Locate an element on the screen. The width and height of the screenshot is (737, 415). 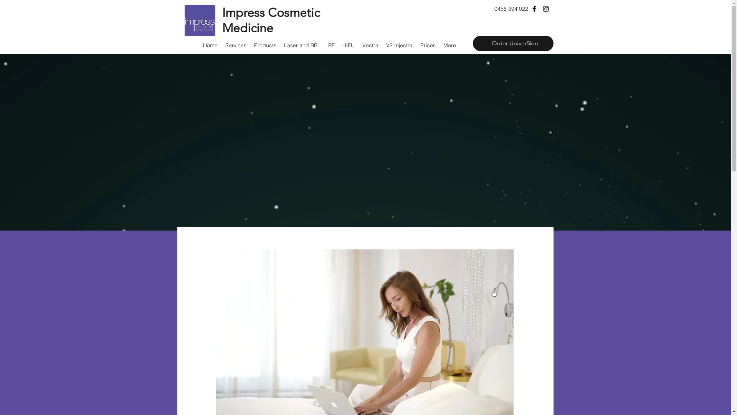
'HIFU' is located at coordinates (348, 45).